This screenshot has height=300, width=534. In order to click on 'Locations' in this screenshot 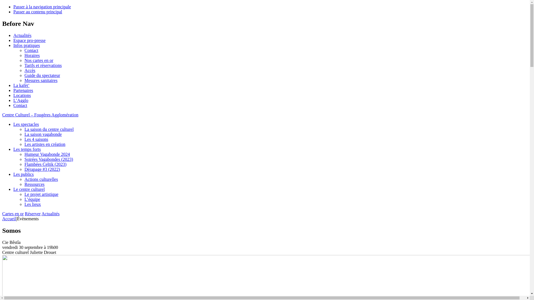, I will do `click(22, 95)`.